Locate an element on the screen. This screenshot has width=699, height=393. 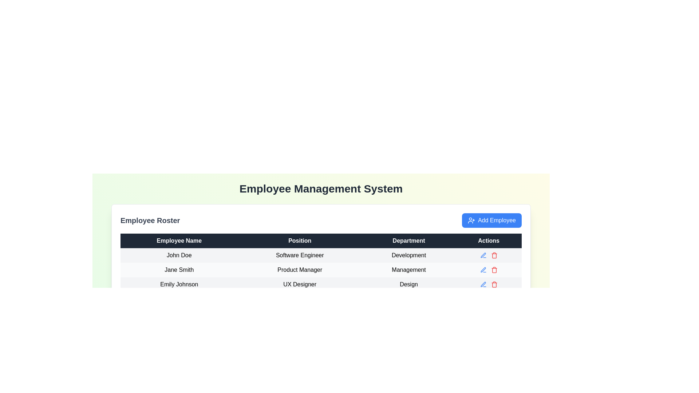
the static text label displaying 'Design' in the last cell of the row corresponding to 'Emily Johnson' in the 'Department' column of the employee roster table is located at coordinates (409, 284).